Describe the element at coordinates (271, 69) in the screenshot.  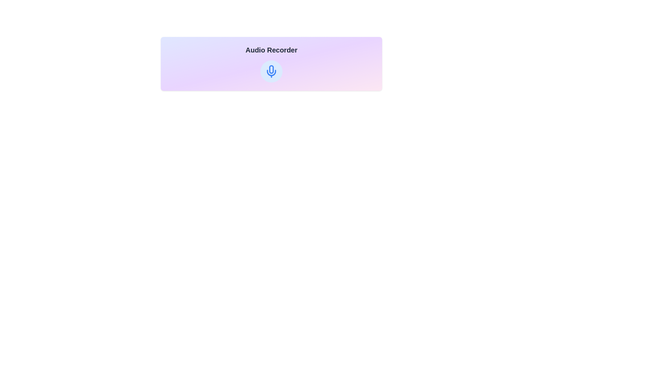
I see `the microphone icon, which is a vertical oval shape within a circular button, located below the 'Audio Recorder' heading` at that location.